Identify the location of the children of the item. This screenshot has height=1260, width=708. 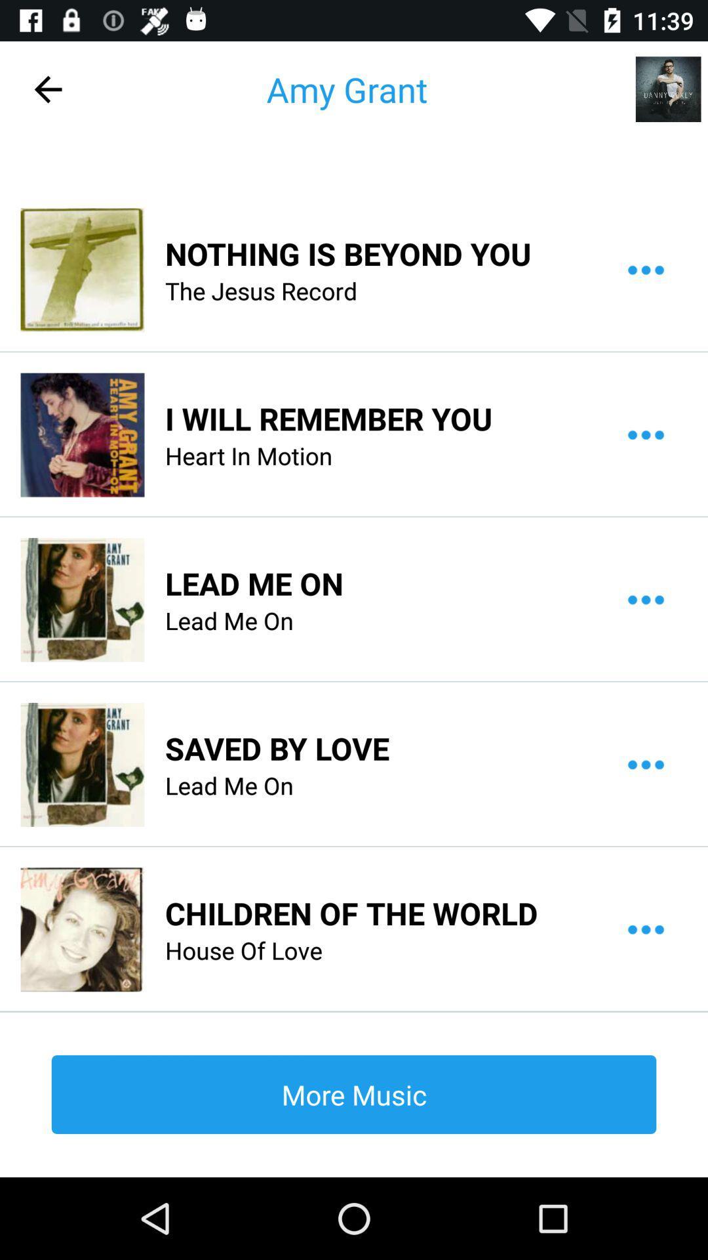
(351, 912).